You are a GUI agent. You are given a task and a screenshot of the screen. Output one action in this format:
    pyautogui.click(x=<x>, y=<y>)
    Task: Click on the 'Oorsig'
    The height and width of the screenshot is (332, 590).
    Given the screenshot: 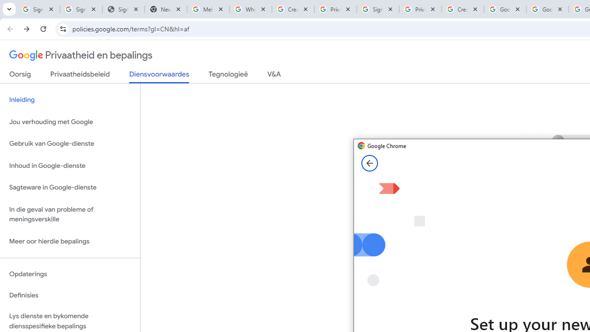 What is the action you would take?
    pyautogui.click(x=20, y=76)
    